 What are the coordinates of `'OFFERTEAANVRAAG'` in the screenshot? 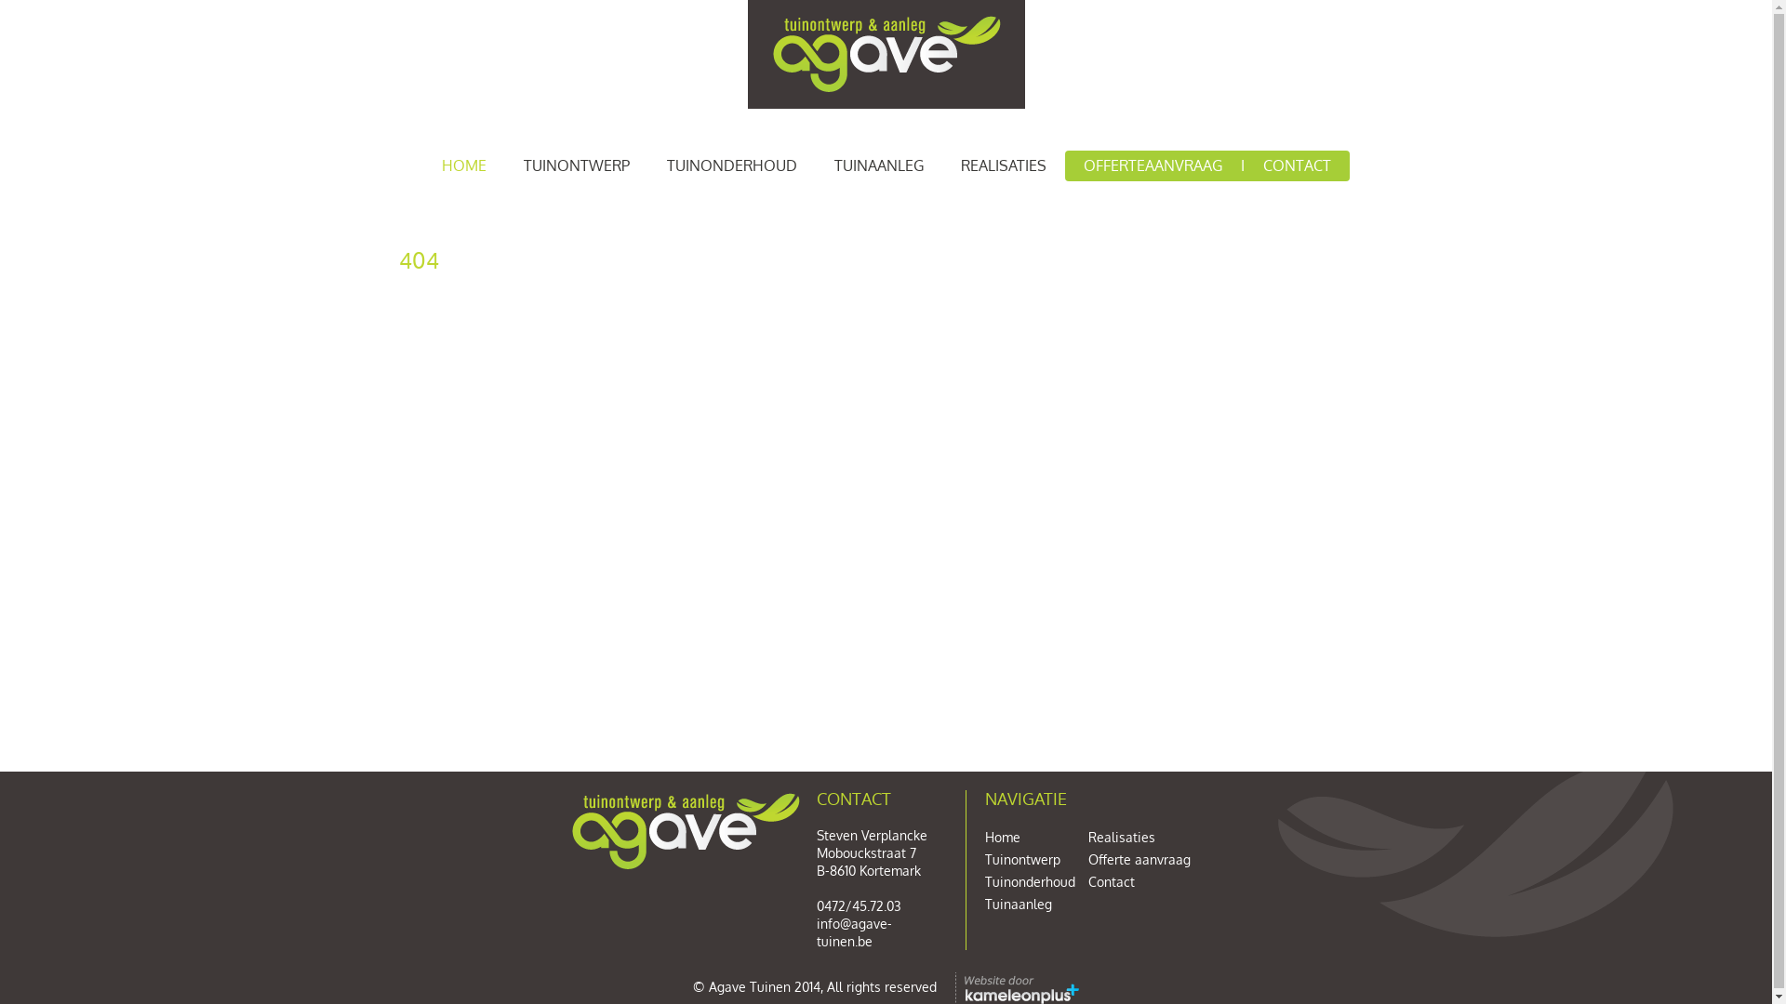 It's located at (1151, 165).